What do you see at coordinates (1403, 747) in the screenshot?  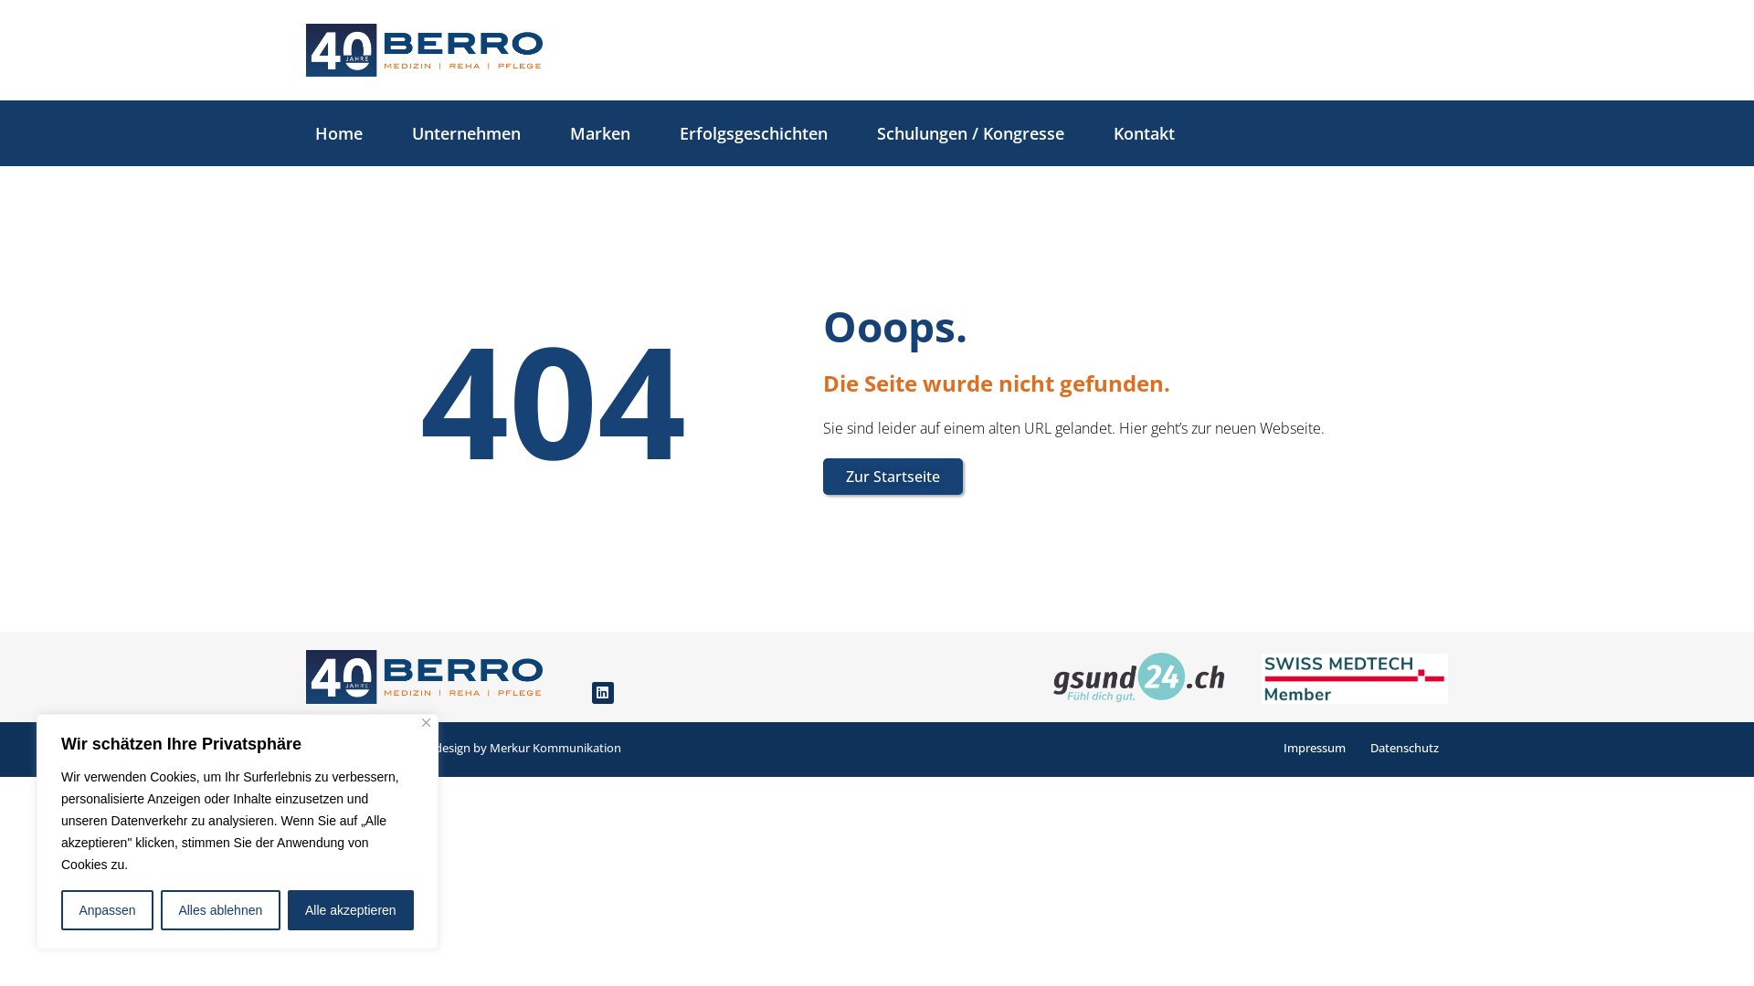 I see `'Datenschutz'` at bounding box center [1403, 747].